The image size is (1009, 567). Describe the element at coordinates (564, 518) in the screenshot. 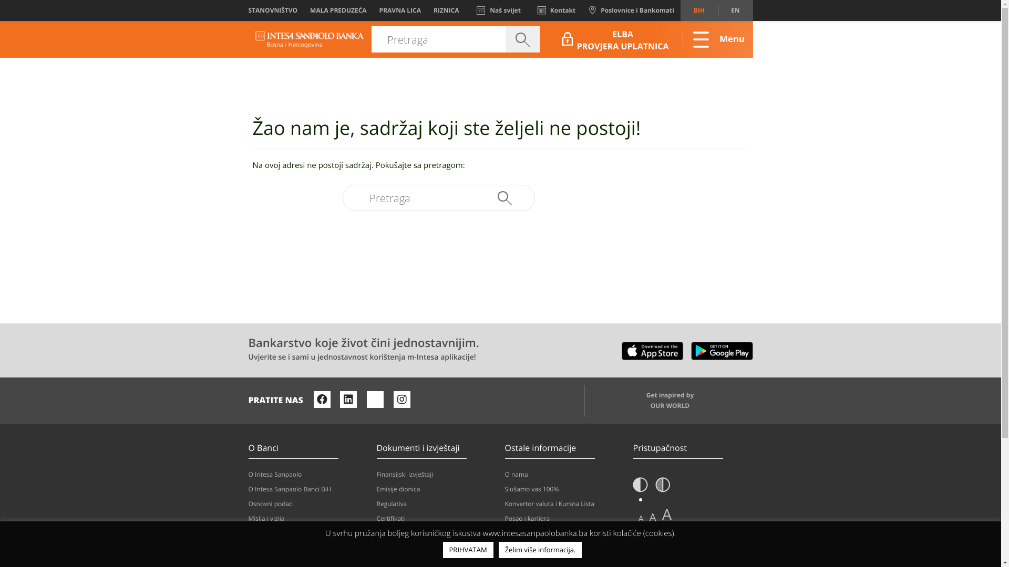

I see `'Posao i karijera'` at that location.